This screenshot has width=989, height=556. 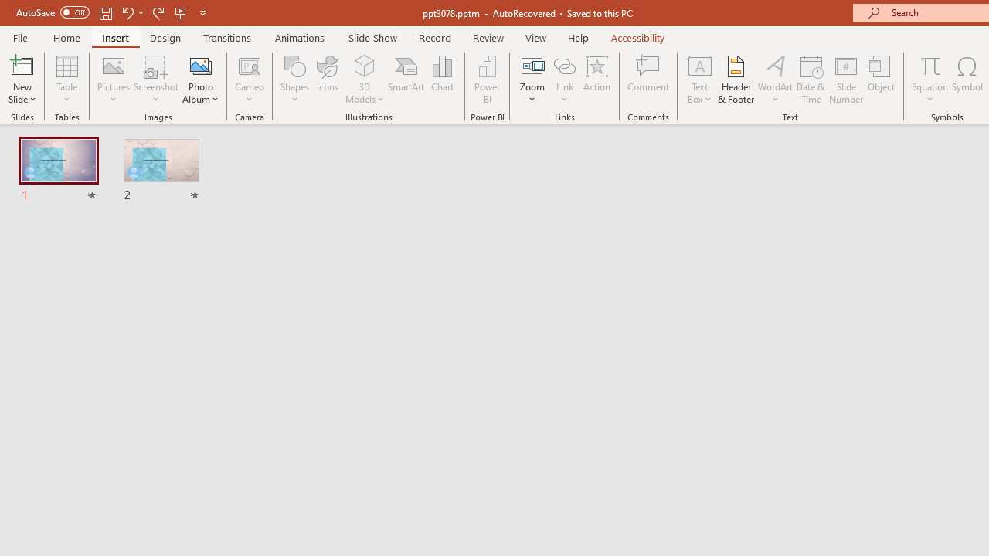 I want to click on 'Accessibility', so click(x=638, y=37).